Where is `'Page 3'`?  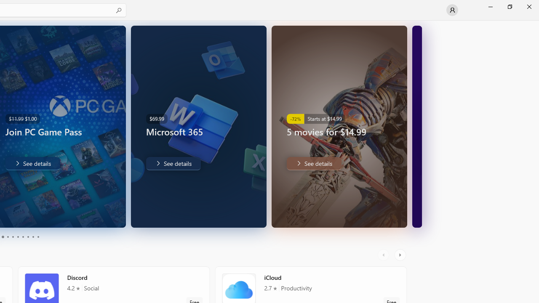 'Page 3' is located at coordinates (2, 237).